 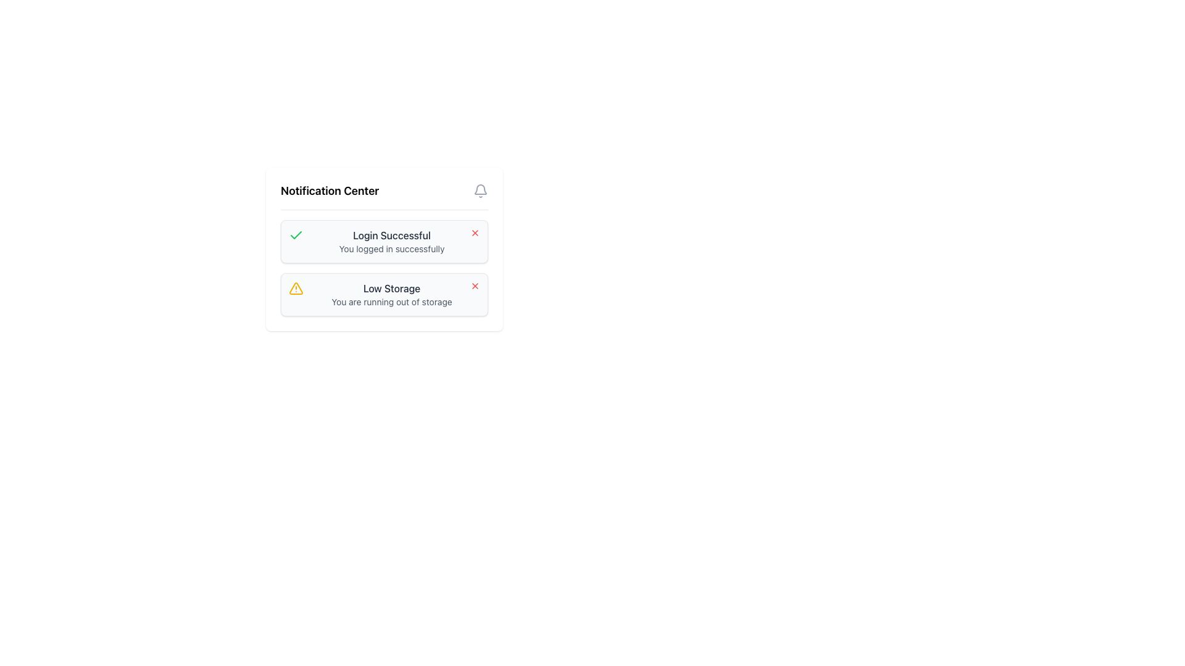 What do you see at coordinates (296, 235) in the screenshot?
I see `the success icon located in the top-left corner of the 'Login Successful' notification card to indicate confirmation status` at bounding box center [296, 235].